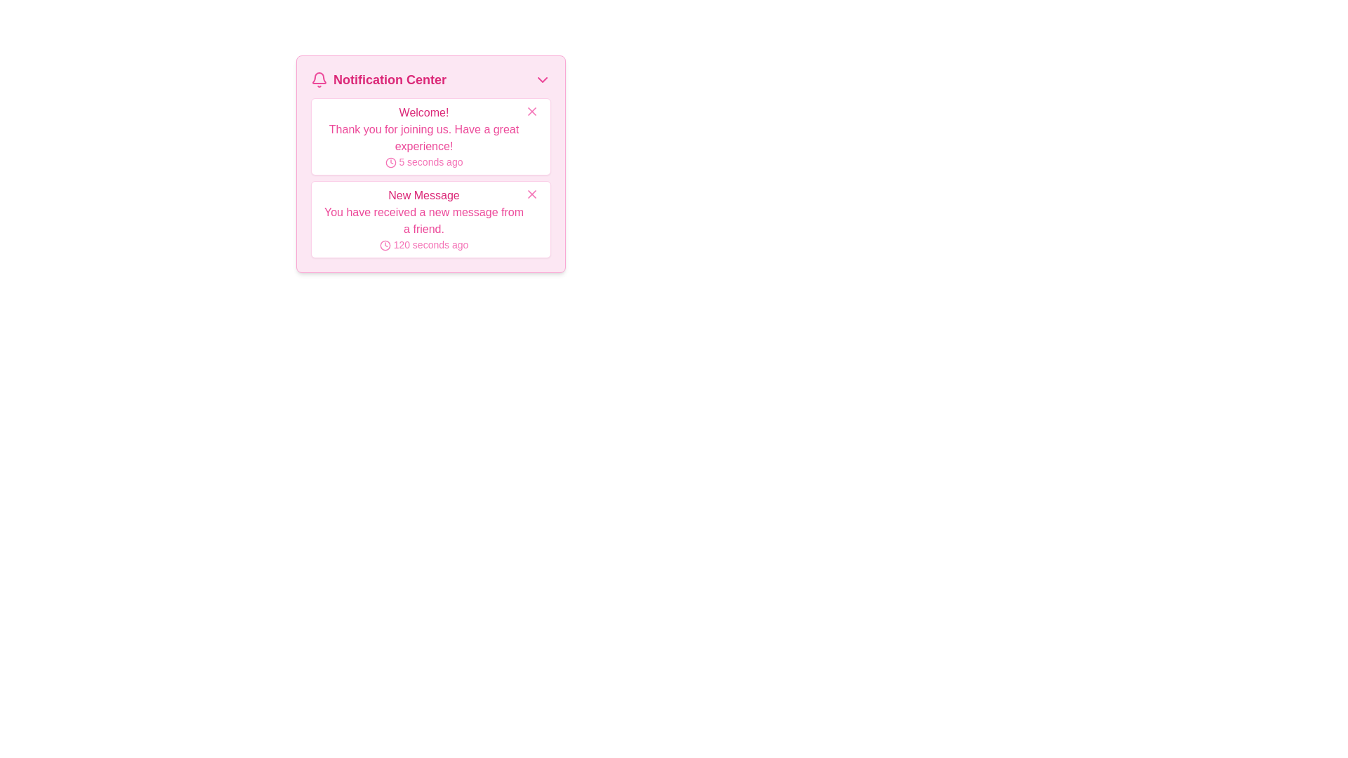 The height and width of the screenshot is (758, 1348). Describe the element at coordinates (531, 194) in the screenshot. I see `the dismiss button (an 'X' icon with a pink outline) located at the top-right corner of the 'New Message' notification box` at that location.